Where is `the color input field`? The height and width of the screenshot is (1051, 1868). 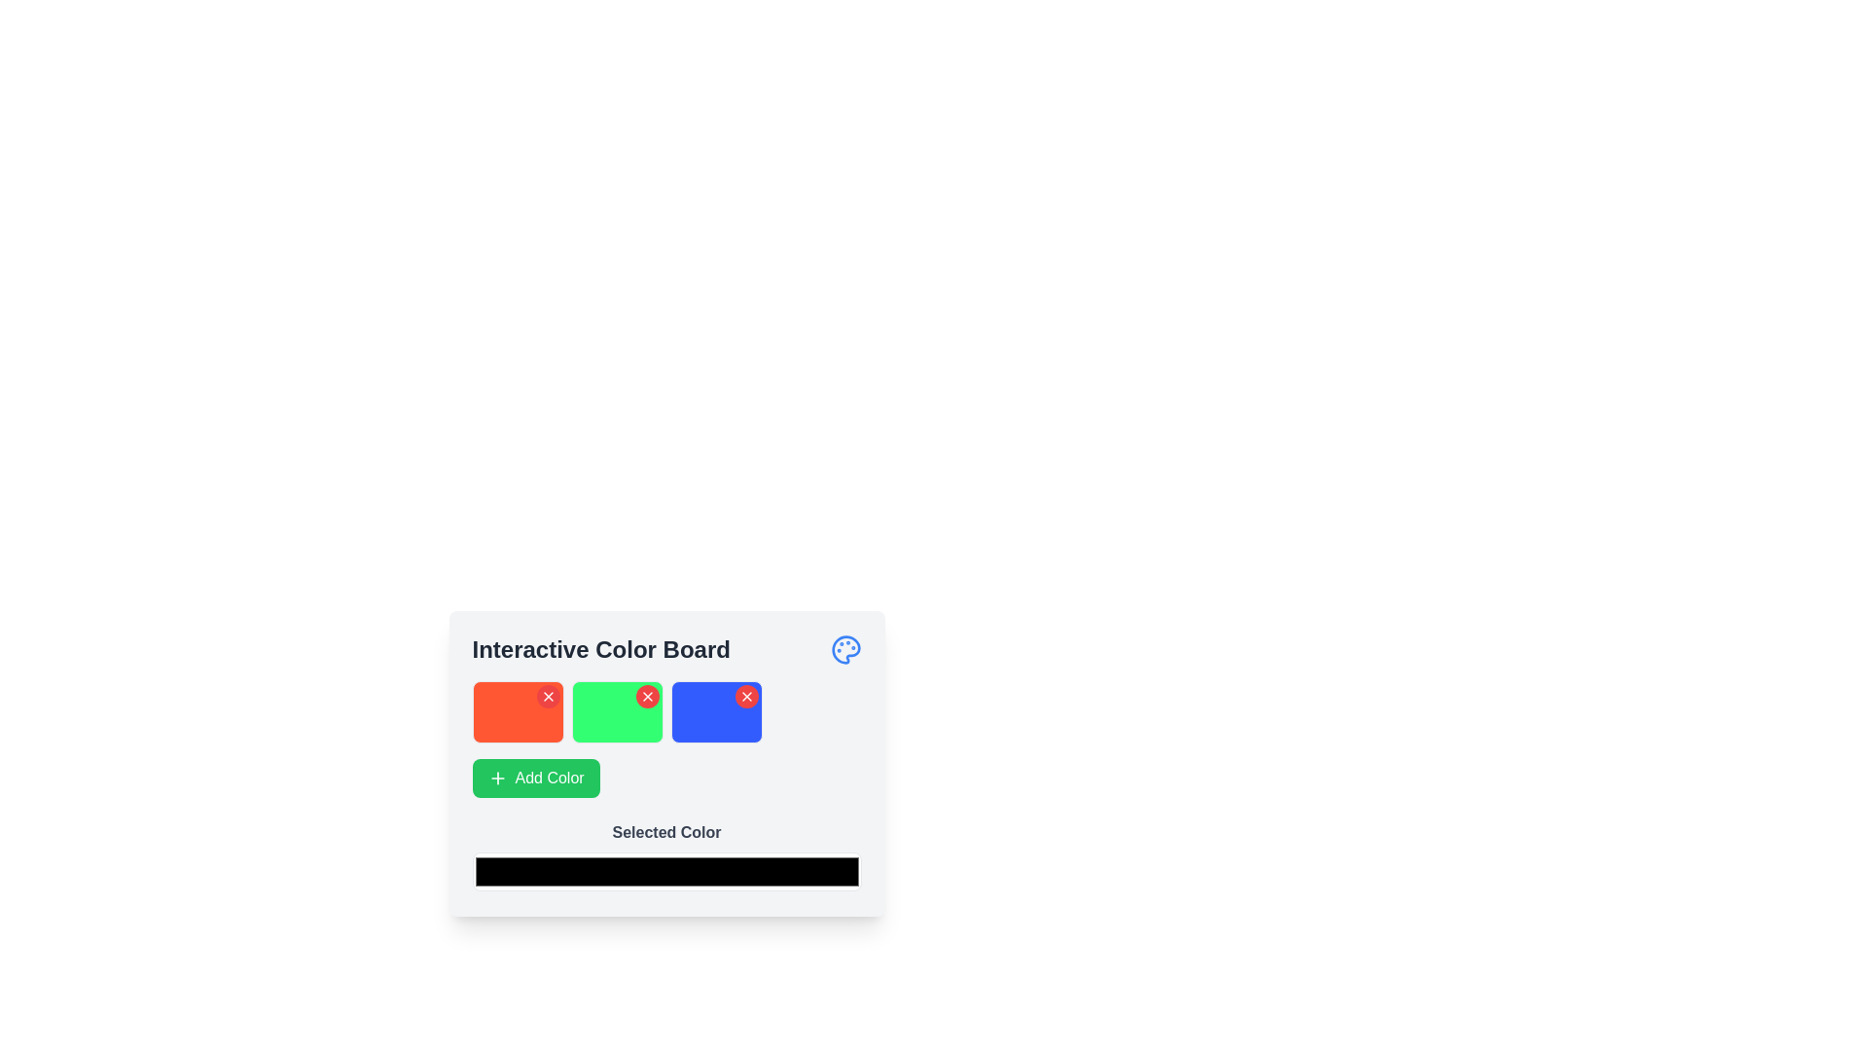
the color input field is located at coordinates (666, 870).